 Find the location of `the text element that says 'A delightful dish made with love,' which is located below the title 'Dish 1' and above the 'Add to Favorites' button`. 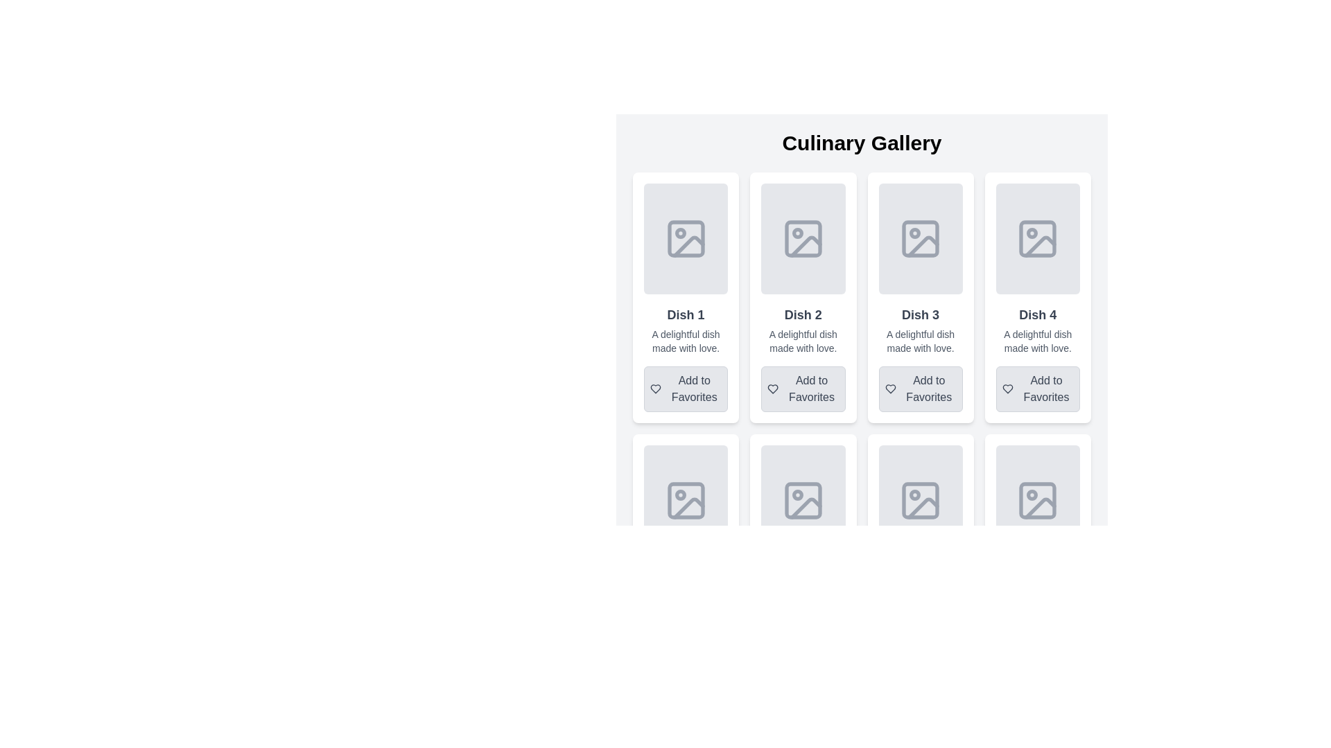

the text element that says 'A delightful dish made with love,' which is located below the title 'Dish 1' and above the 'Add to Favorites' button is located at coordinates (686, 341).